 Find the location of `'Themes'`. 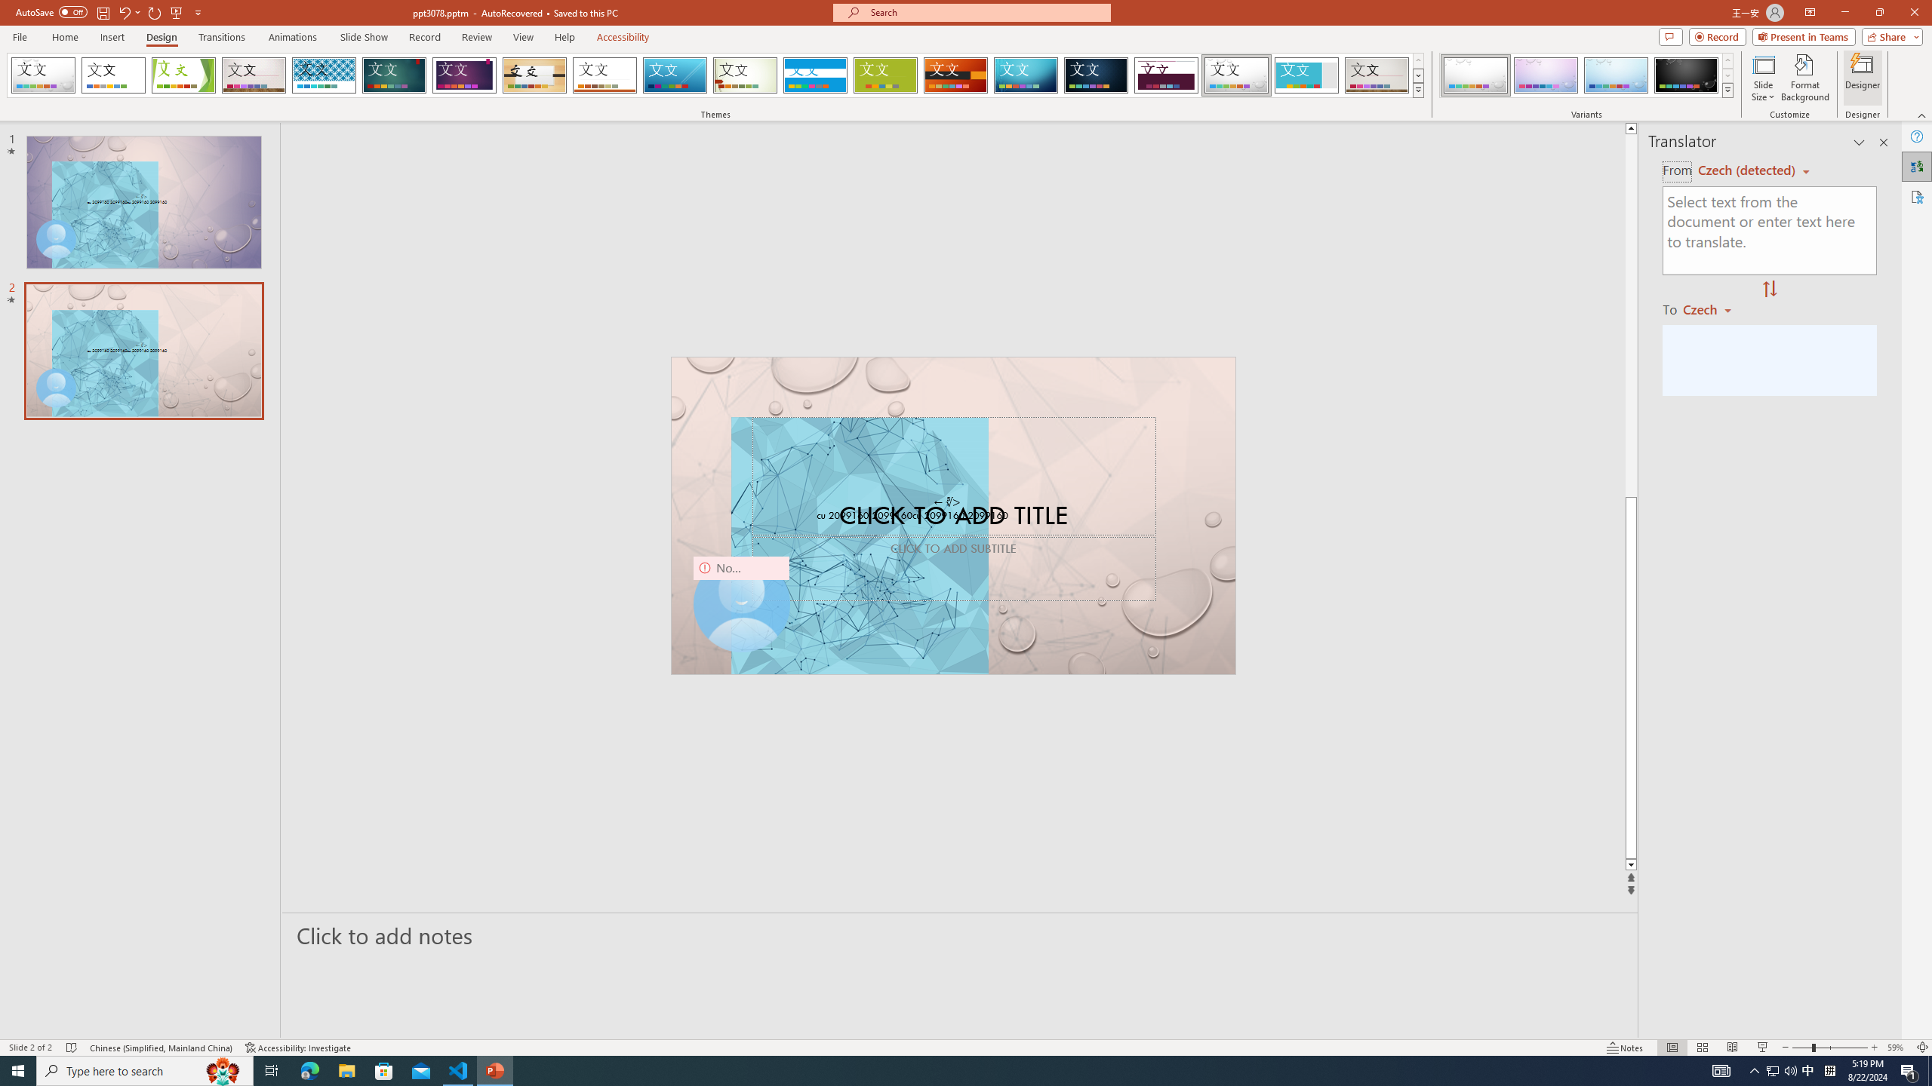

'Themes' is located at coordinates (1418, 89).